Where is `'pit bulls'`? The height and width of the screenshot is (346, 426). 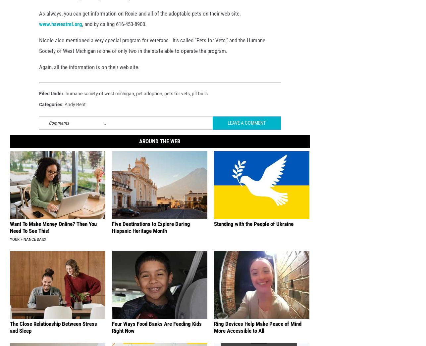 'pit bulls' is located at coordinates (199, 104).